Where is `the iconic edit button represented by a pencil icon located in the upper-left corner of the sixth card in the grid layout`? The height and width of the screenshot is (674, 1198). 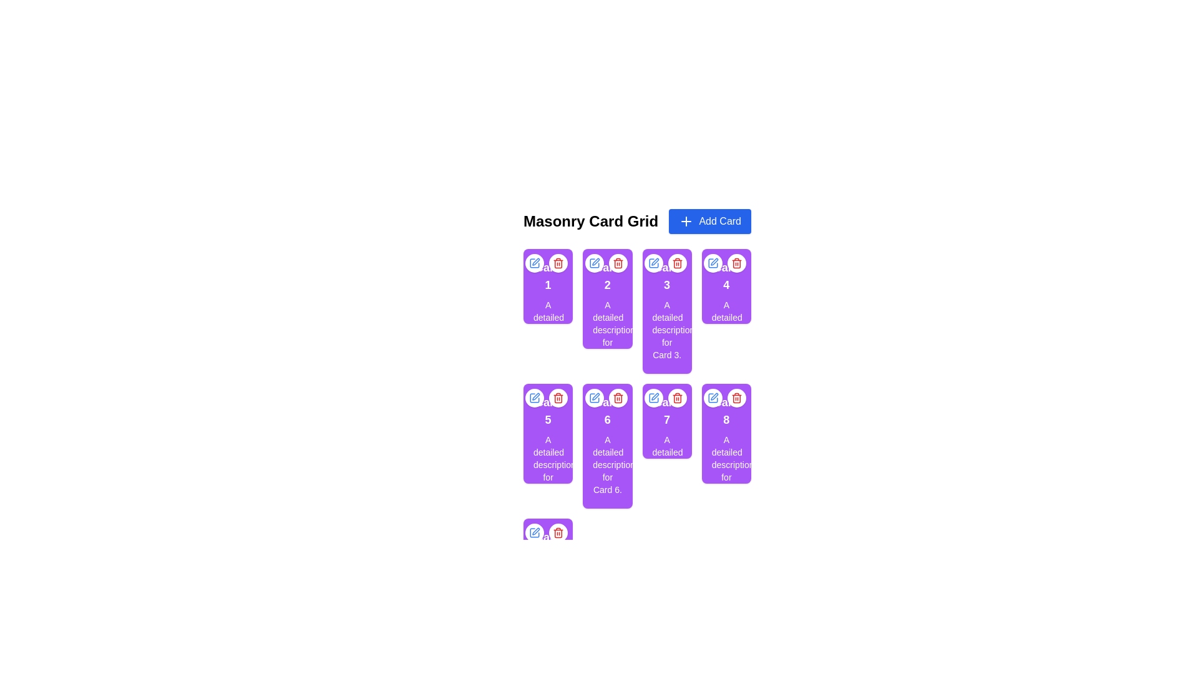
the iconic edit button represented by a pencil icon located in the upper-left corner of the sixth card in the grid layout is located at coordinates (595, 396).